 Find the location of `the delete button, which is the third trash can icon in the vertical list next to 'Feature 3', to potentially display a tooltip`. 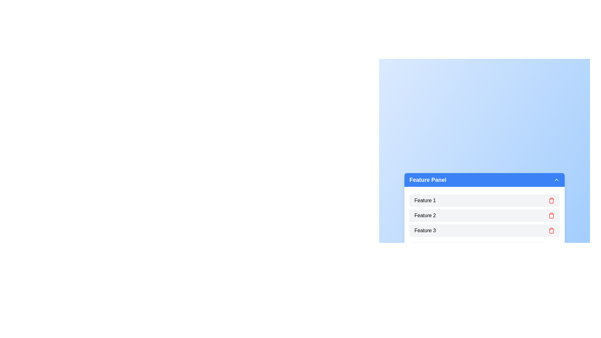

the delete button, which is the third trash can icon in the vertical list next to 'Feature 3', to potentially display a tooltip is located at coordinates (551, 230).